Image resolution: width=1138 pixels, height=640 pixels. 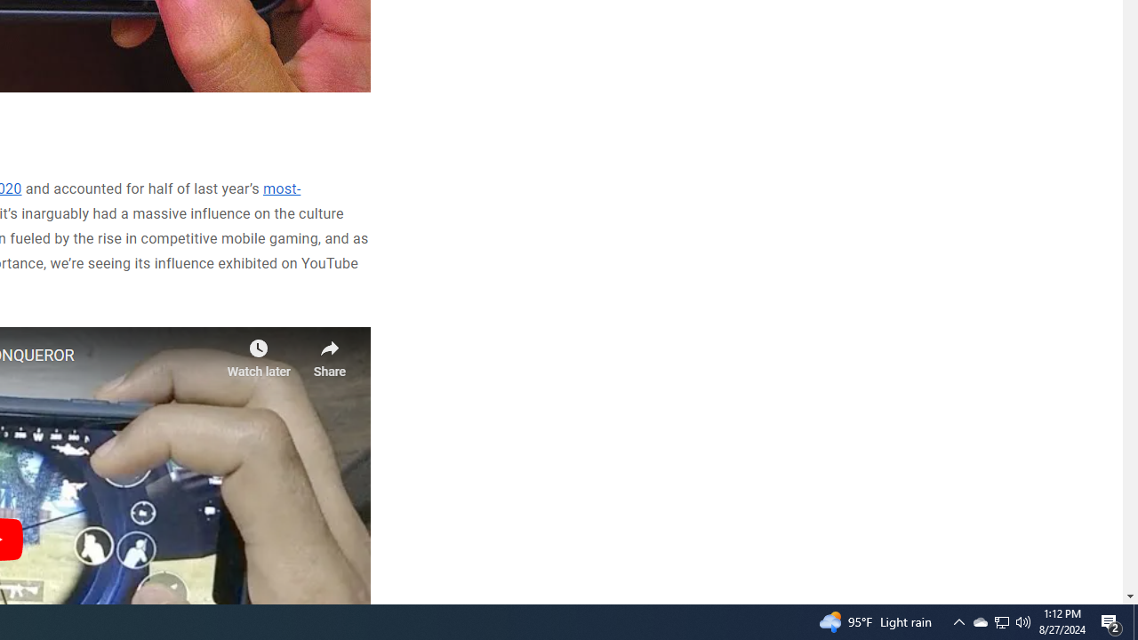 I want to click on 'Watch later', so click(x=257, y=353).